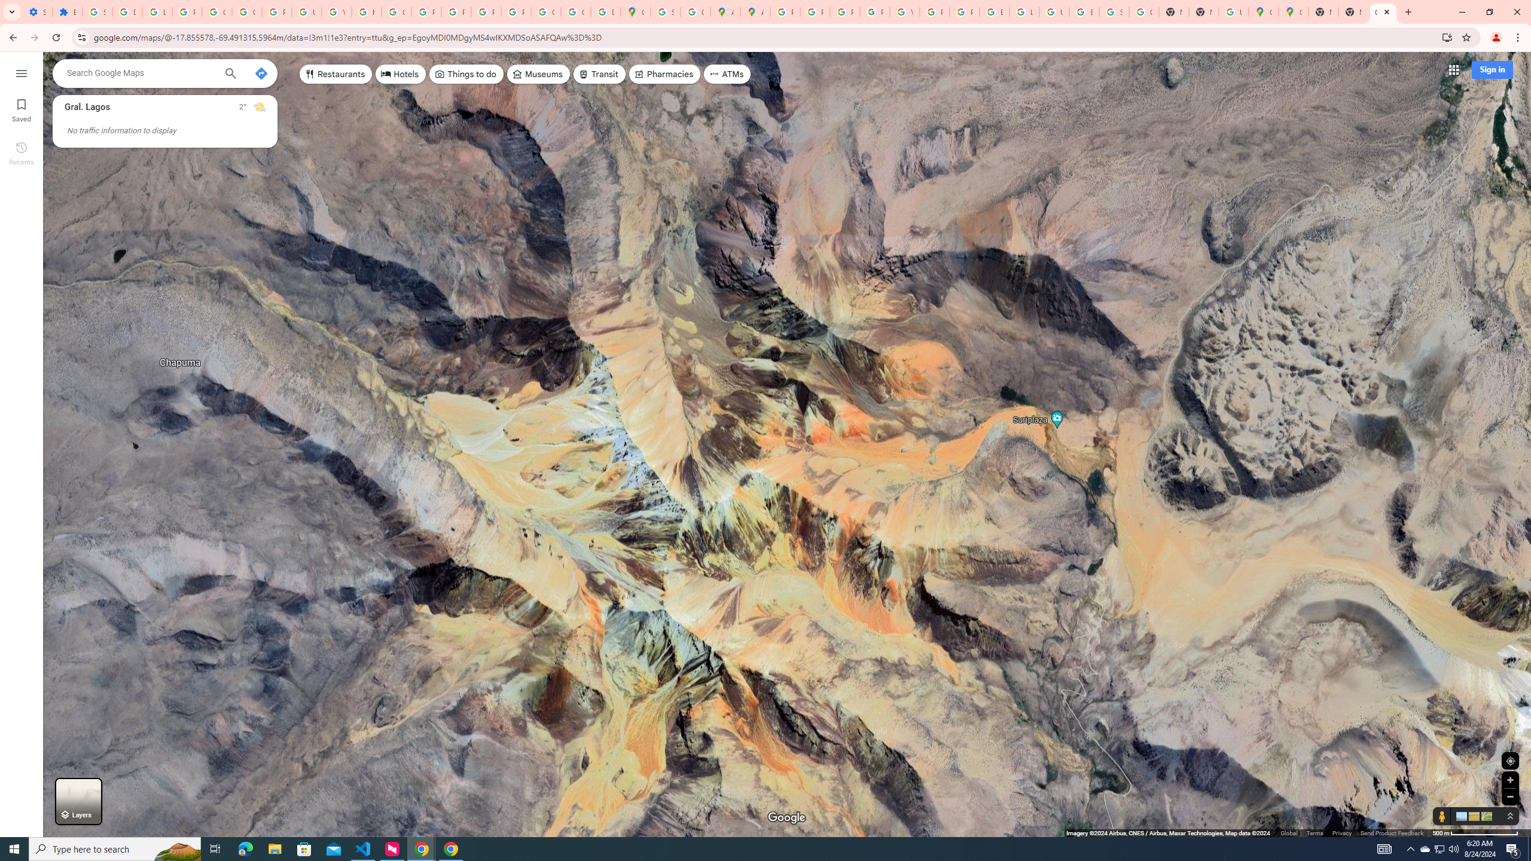 The width and height of the screenshot is (1531, 861). Describe the element at coordinates (465, 73) in the screenshot. I see `'Things to do'` at that location.